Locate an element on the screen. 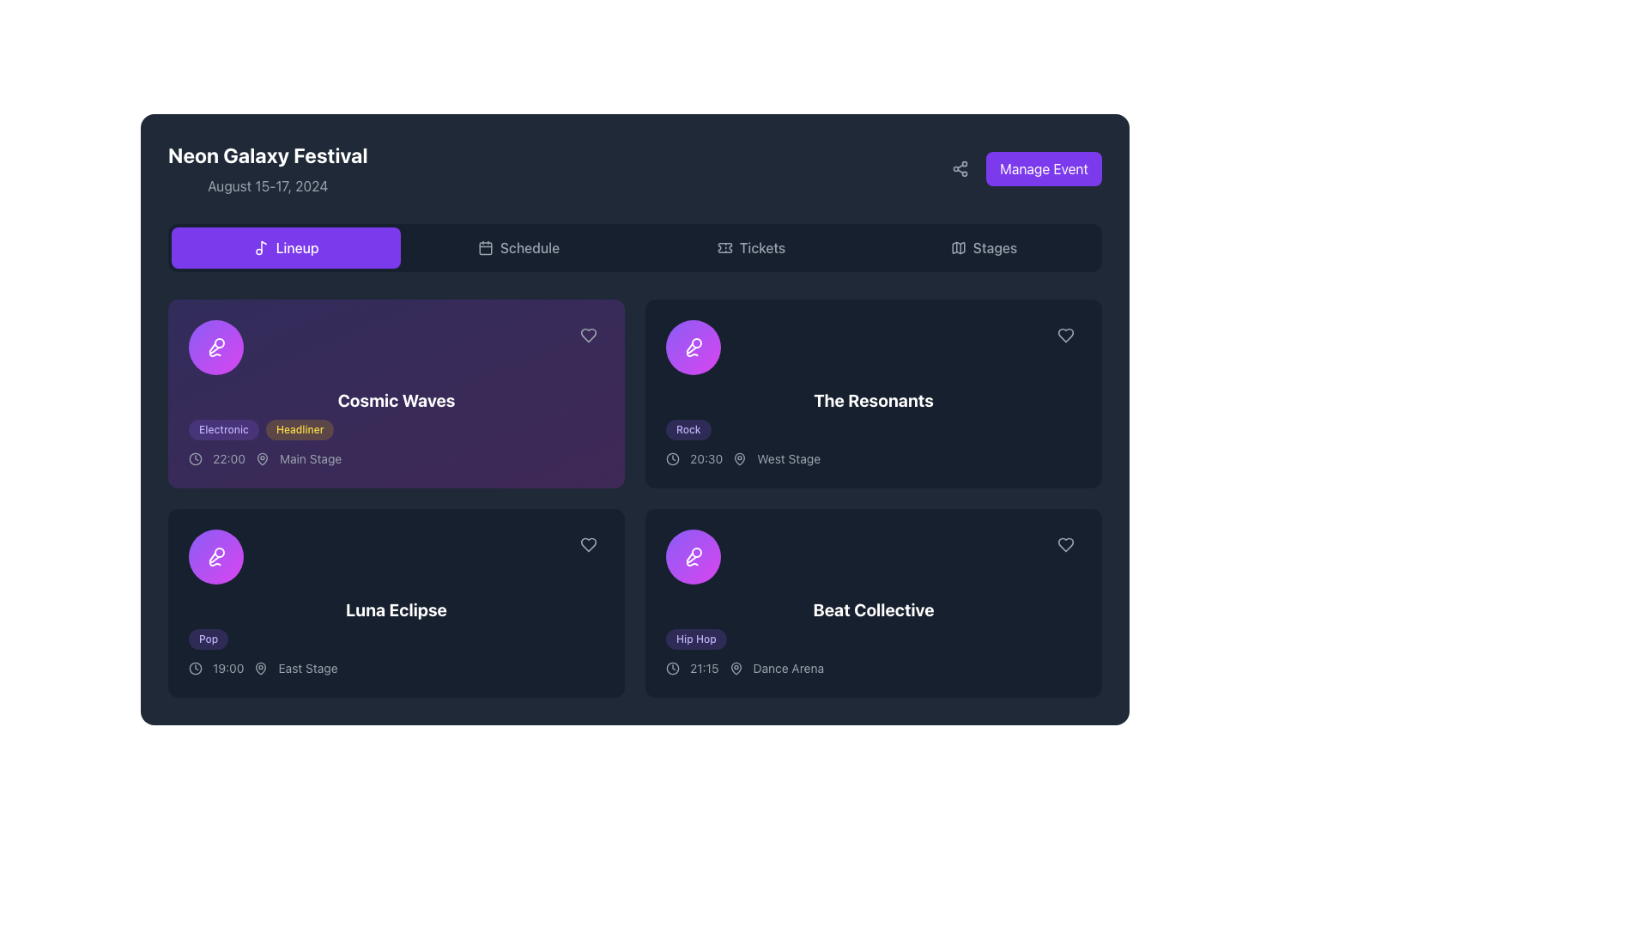 The width and height of the screenshot is (1648, 927). the prominently styled text block labeled 'Beat Collective', which is positioned centrally within a dark-themed card background in the bottom-right section of the interface is located at coordinates (873, 609).